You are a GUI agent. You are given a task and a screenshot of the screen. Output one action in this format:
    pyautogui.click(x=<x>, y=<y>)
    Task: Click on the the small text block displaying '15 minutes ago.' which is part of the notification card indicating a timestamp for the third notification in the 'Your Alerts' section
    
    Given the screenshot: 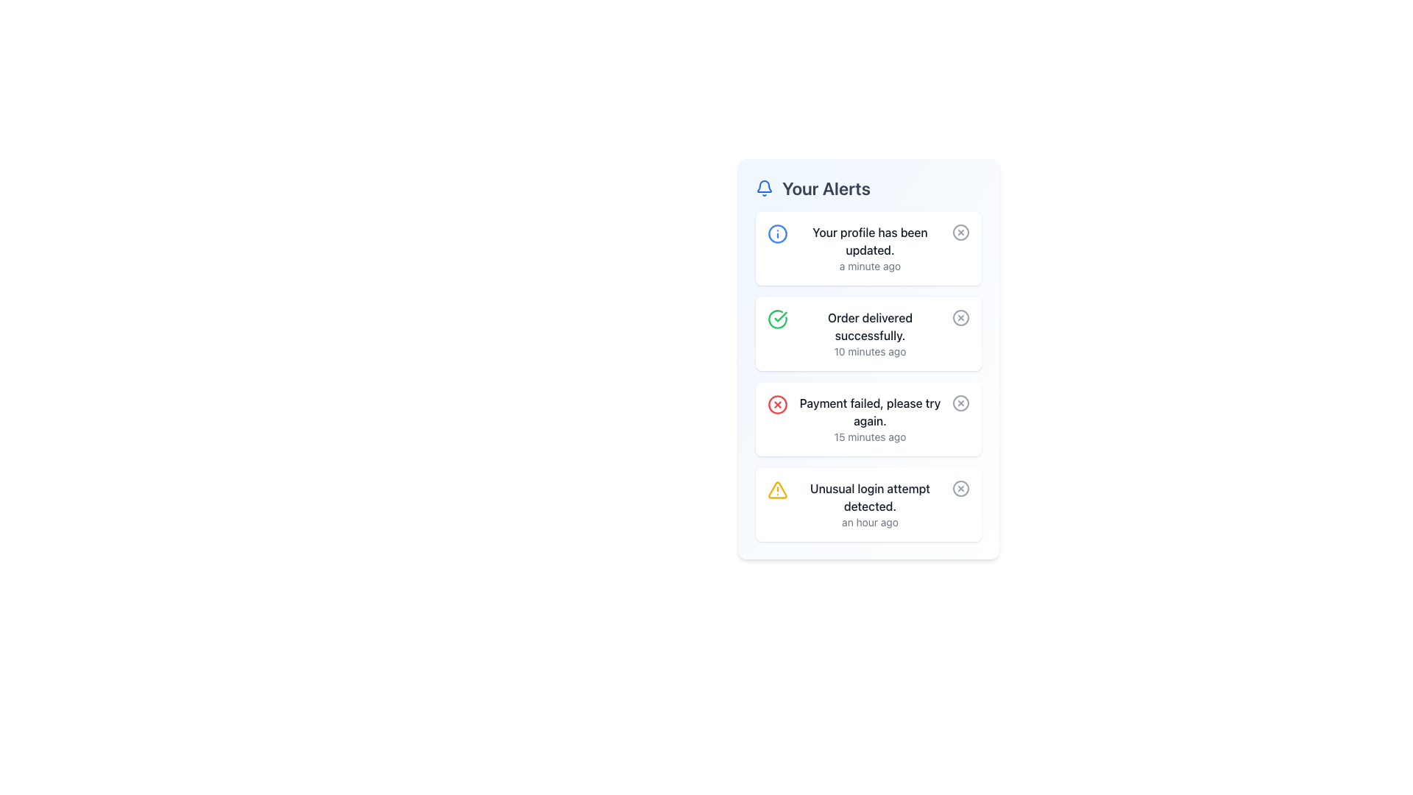 What is the action you would take?
    pyautogui.click(x=870, y=437)
    